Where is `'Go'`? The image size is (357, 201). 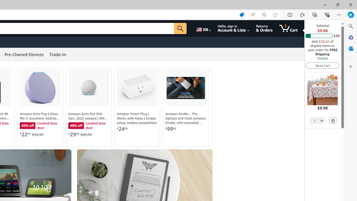 'Go' is located at coordinates (180, 28).